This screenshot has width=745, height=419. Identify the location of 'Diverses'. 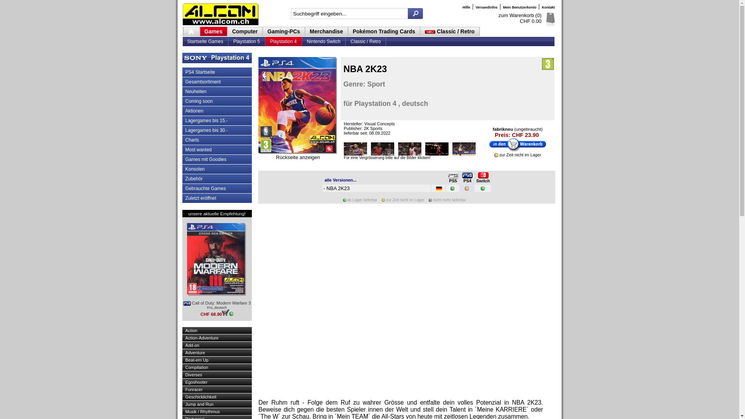
(217, 374).